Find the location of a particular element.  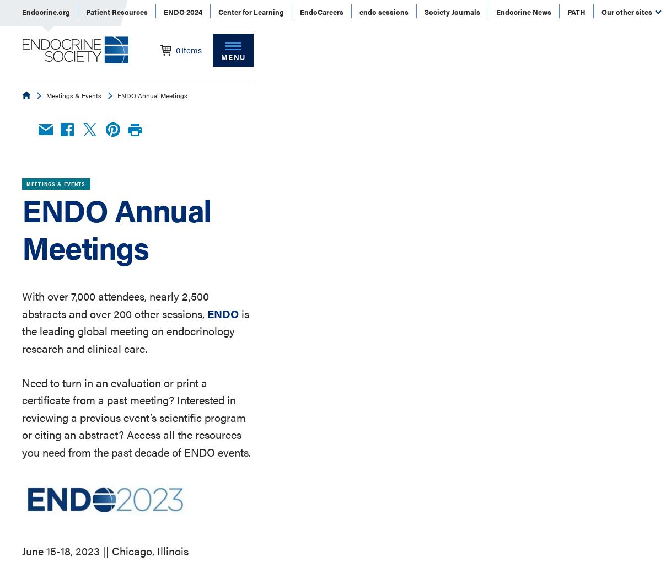

'is the leading global meeting on endocrinology research and clinical care.' is located at coordinates (135, 330).